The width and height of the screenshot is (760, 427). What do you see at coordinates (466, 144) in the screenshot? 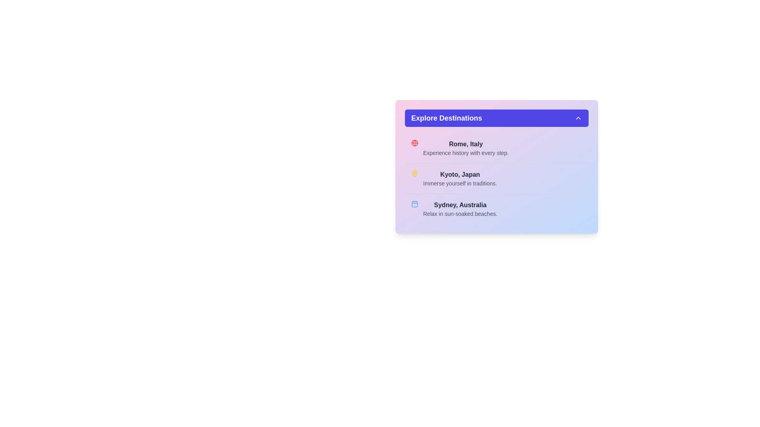
I see `text label that serves as the title for the first destination entry in the 'Explore Destinations' list, positioned above the description text and next to the globe icon` at bounding box center [466, 144].